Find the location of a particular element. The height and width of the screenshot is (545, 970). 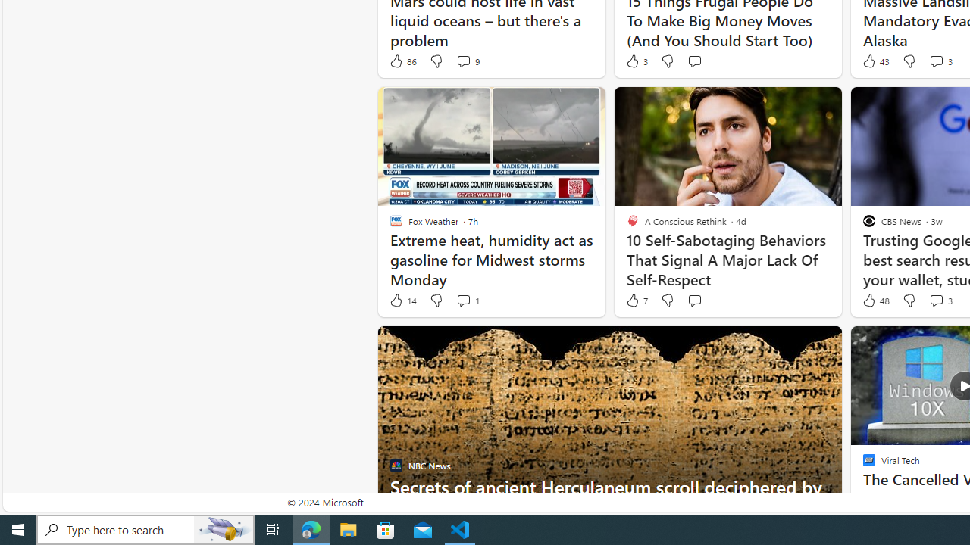

'48 Like' is located at coordinates (875, 301).